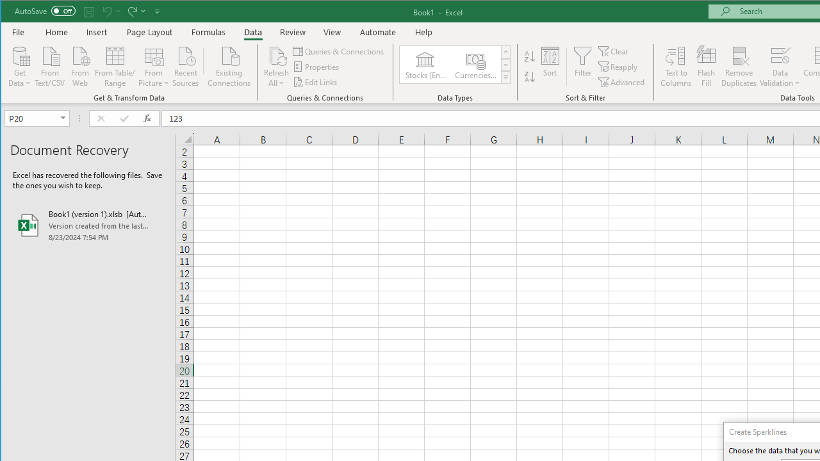 This screenshot has width=820, height=461. I want to click on 'Recent Sources', so click(185, 65).